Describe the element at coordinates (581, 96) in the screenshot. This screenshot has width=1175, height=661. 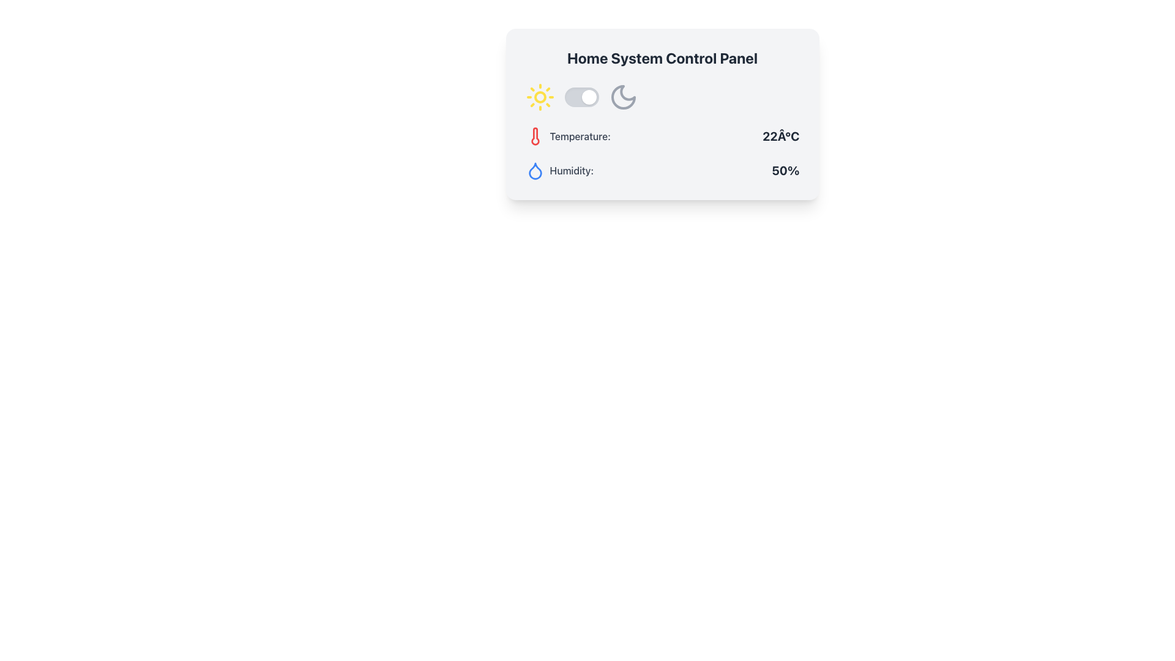
I see `the toggle switch located between the sun and moon icons to switch its state` at that location.